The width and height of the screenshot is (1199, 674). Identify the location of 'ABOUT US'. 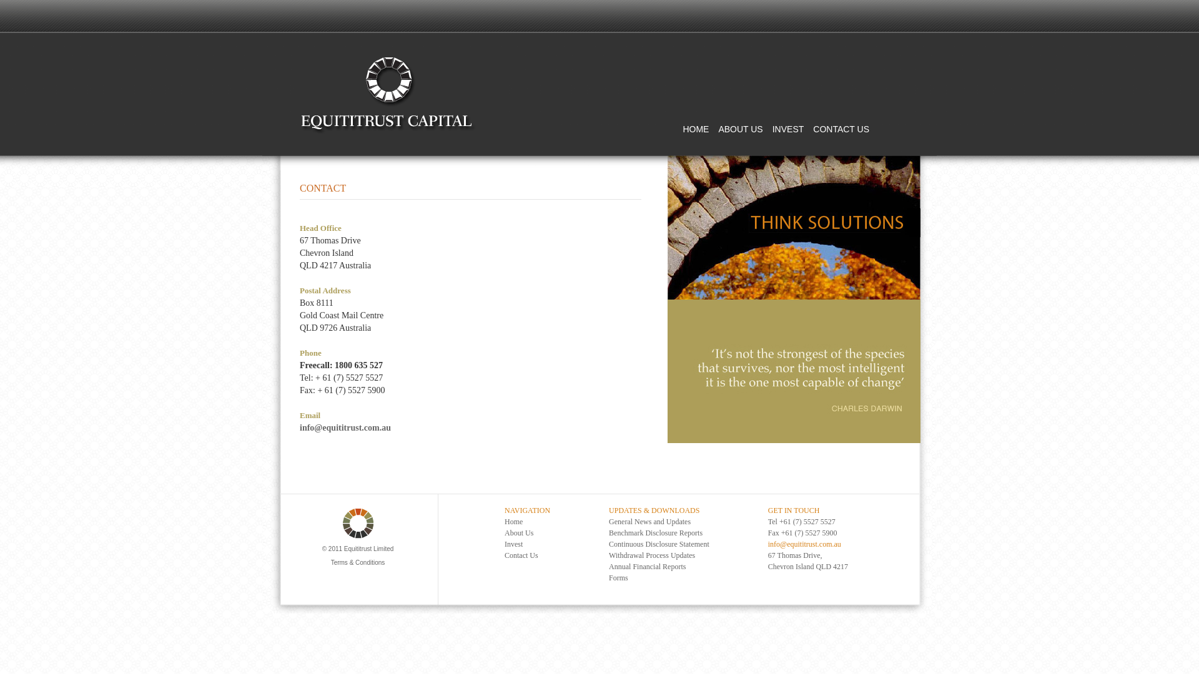
(740, 129).